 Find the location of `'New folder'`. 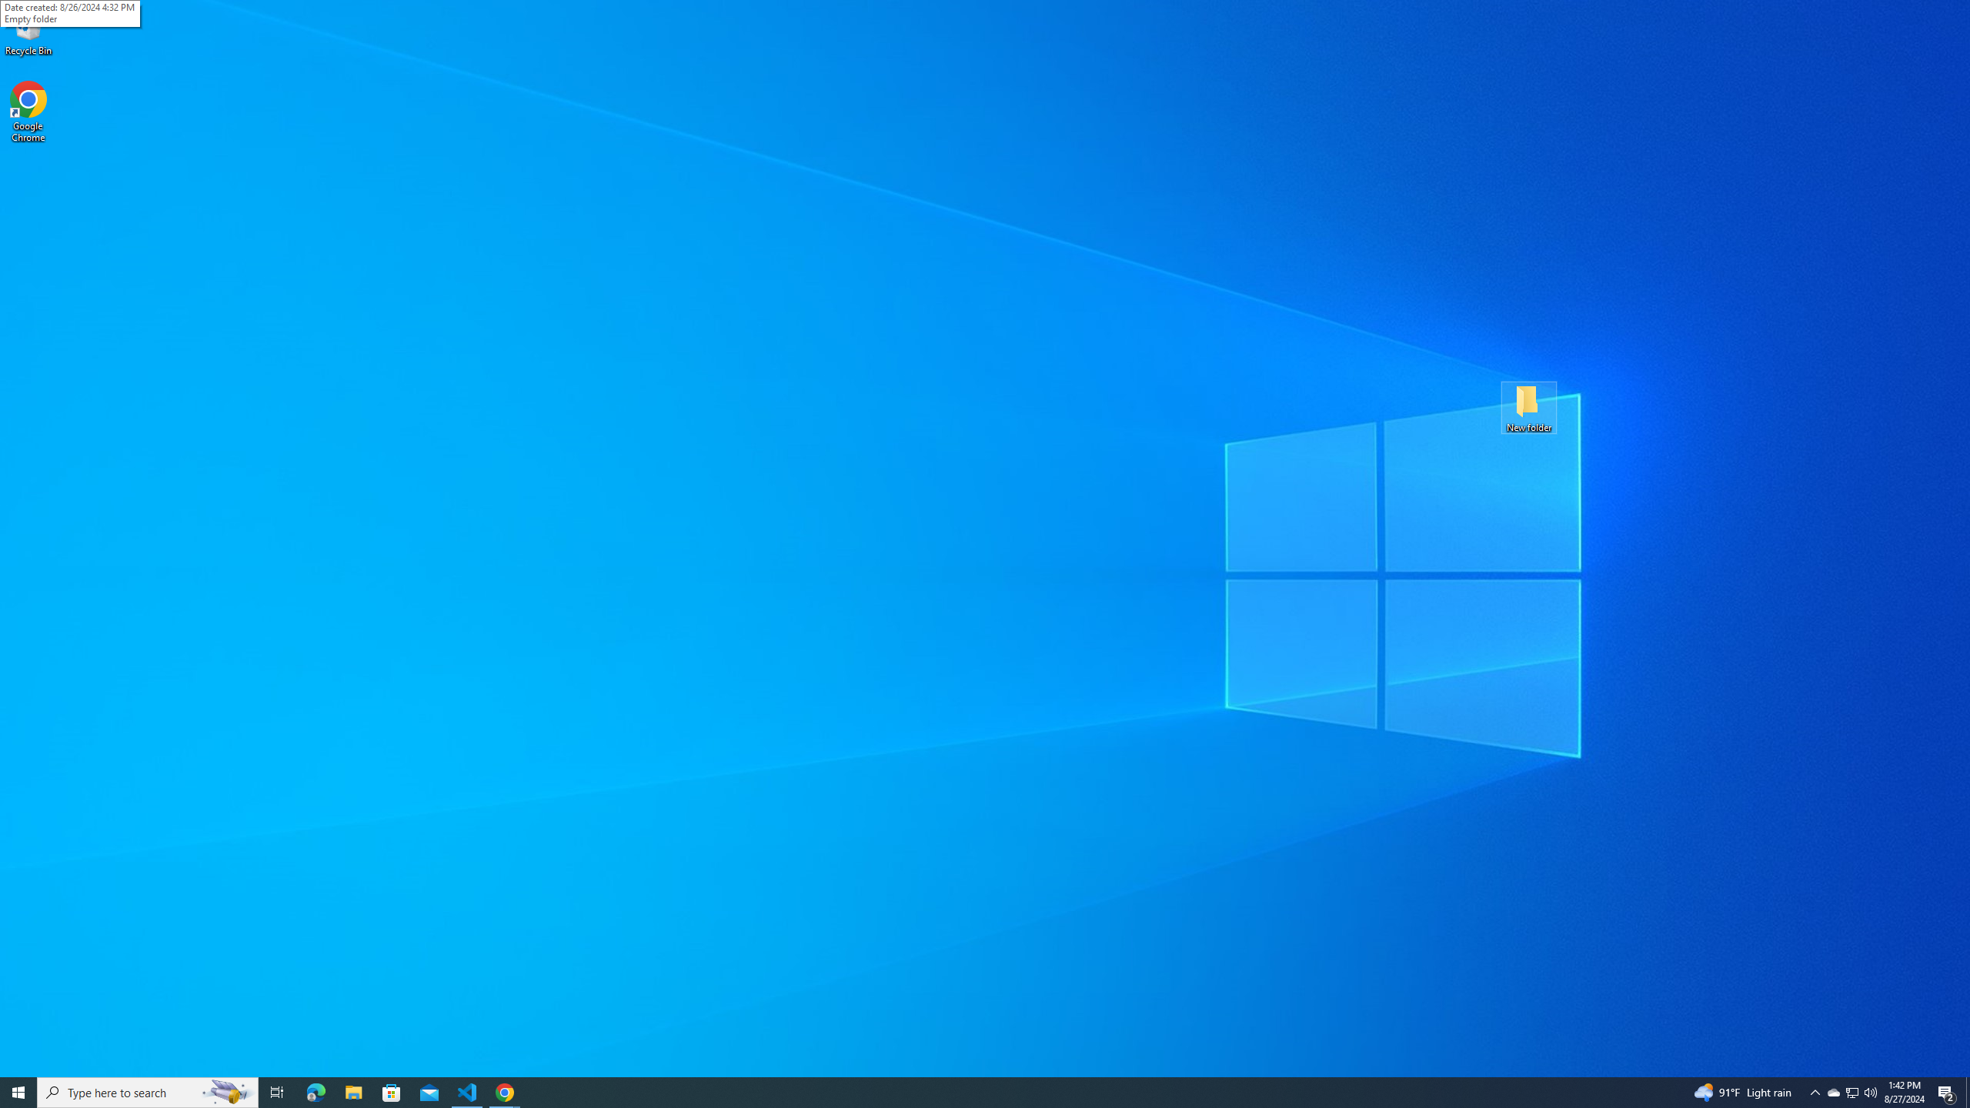

'New folder' is located at coordinates (1528, 406).